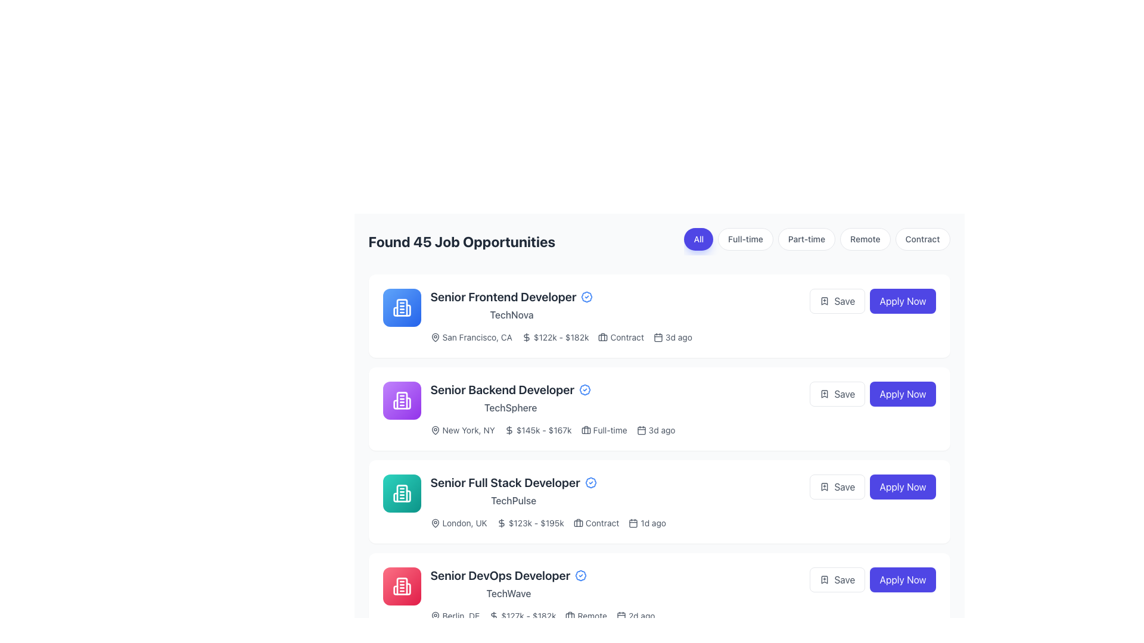 This screenshot has height=643, width=1144. What do you see at coordinates (587, 296) in the screenshot?
I see `the verified status icon next to the title 'Senior Frontend Developer' in the TechNova job listing to indicate its credibility` at bounding box center [587, 296].